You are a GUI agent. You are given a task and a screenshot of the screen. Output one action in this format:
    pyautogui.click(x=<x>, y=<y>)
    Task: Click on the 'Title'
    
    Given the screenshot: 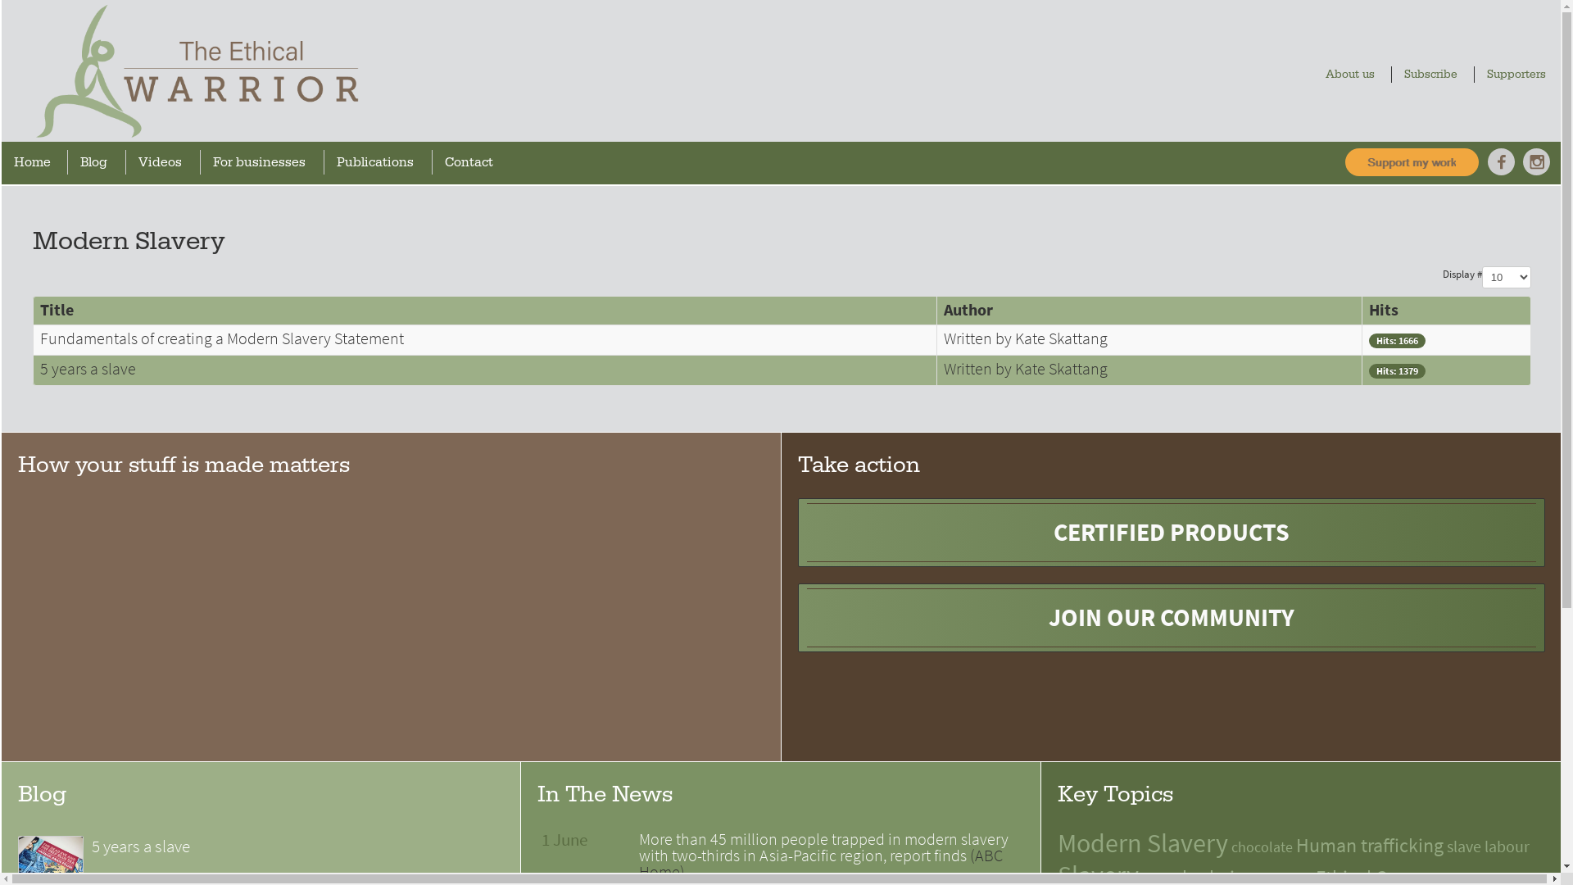 What is the action you would take?
    pyautogui.click(x=57, y=310)
    